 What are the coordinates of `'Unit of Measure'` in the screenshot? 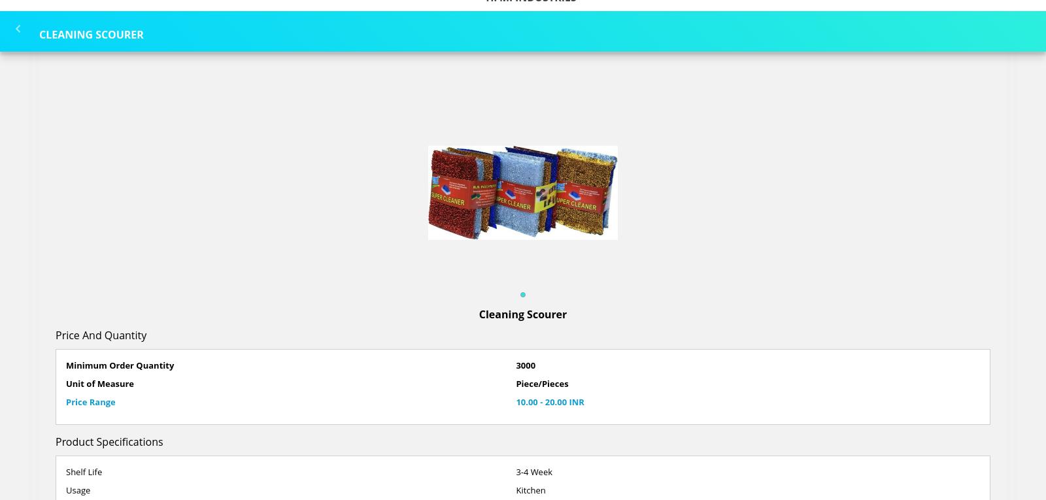 It's located at (65, 383).